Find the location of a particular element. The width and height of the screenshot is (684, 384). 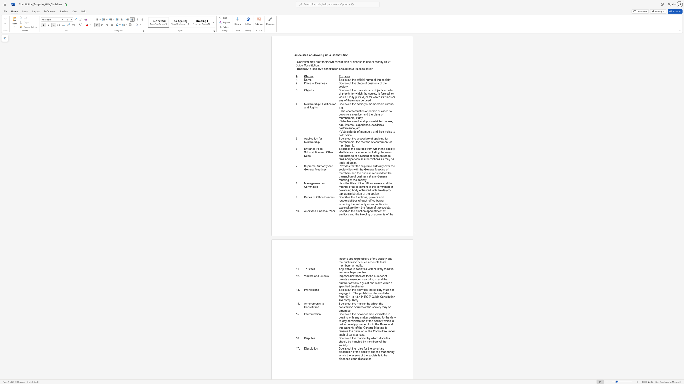

the subset text "uties of Office-Beare" within the text "Duties of Office-Bearers" is located at coordinates (306, 197).